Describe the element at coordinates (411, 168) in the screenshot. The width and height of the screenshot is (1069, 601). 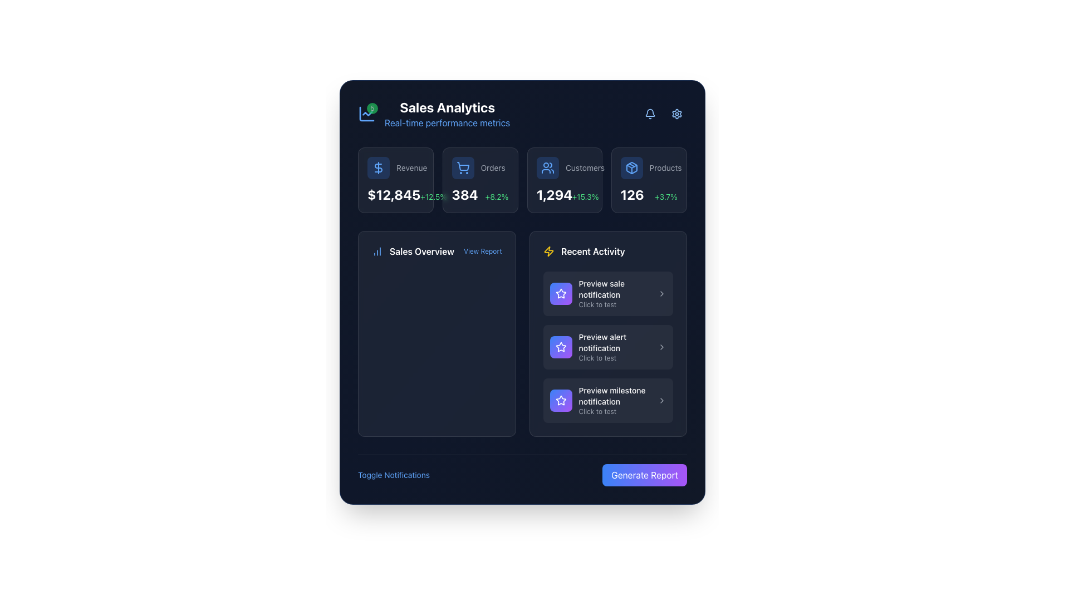
I see `the label positioned to the right of the dollar sign icon` at that location.